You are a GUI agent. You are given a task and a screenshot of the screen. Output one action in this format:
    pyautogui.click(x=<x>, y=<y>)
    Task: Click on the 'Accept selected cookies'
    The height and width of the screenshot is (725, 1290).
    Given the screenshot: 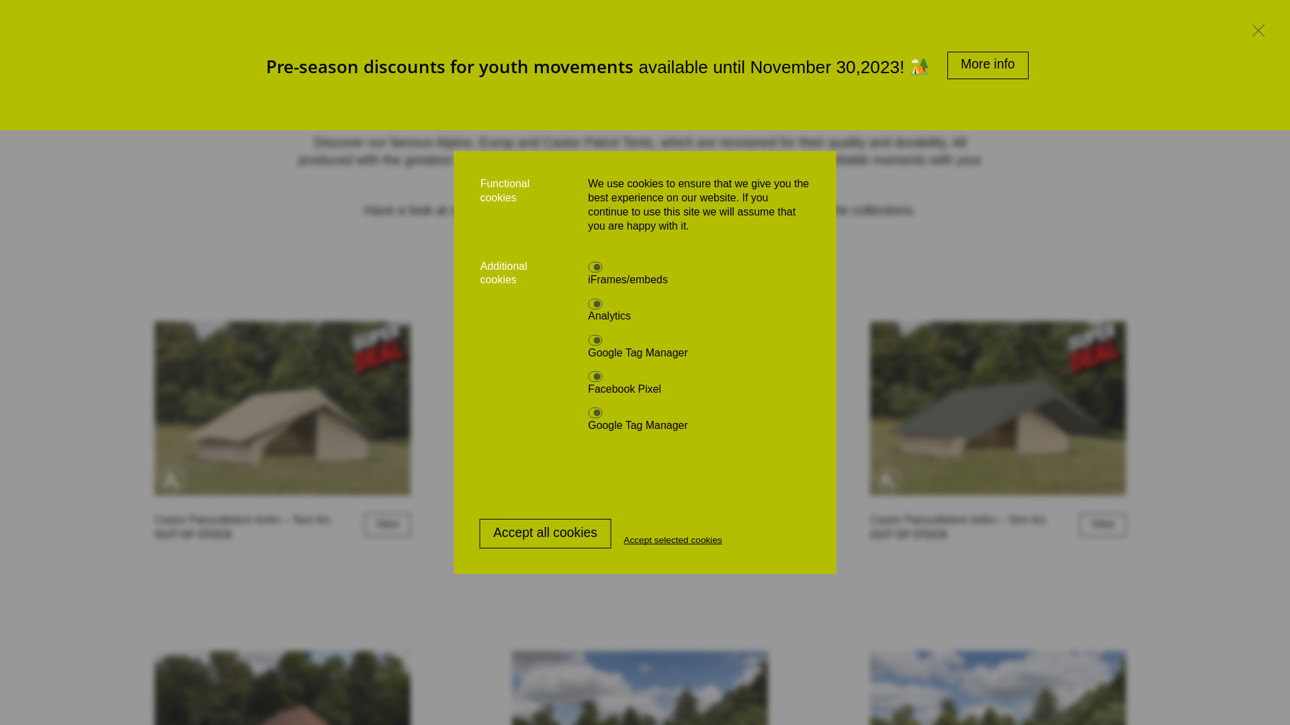 What is the action you would take?
    pyautogui.click(x=673, y=540)
    